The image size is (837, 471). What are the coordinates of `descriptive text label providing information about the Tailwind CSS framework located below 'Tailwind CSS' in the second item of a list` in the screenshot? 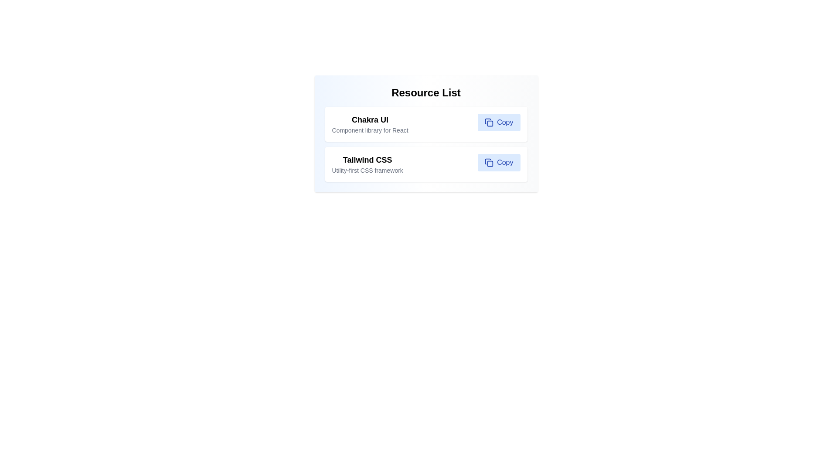 It's located at (367, 170).